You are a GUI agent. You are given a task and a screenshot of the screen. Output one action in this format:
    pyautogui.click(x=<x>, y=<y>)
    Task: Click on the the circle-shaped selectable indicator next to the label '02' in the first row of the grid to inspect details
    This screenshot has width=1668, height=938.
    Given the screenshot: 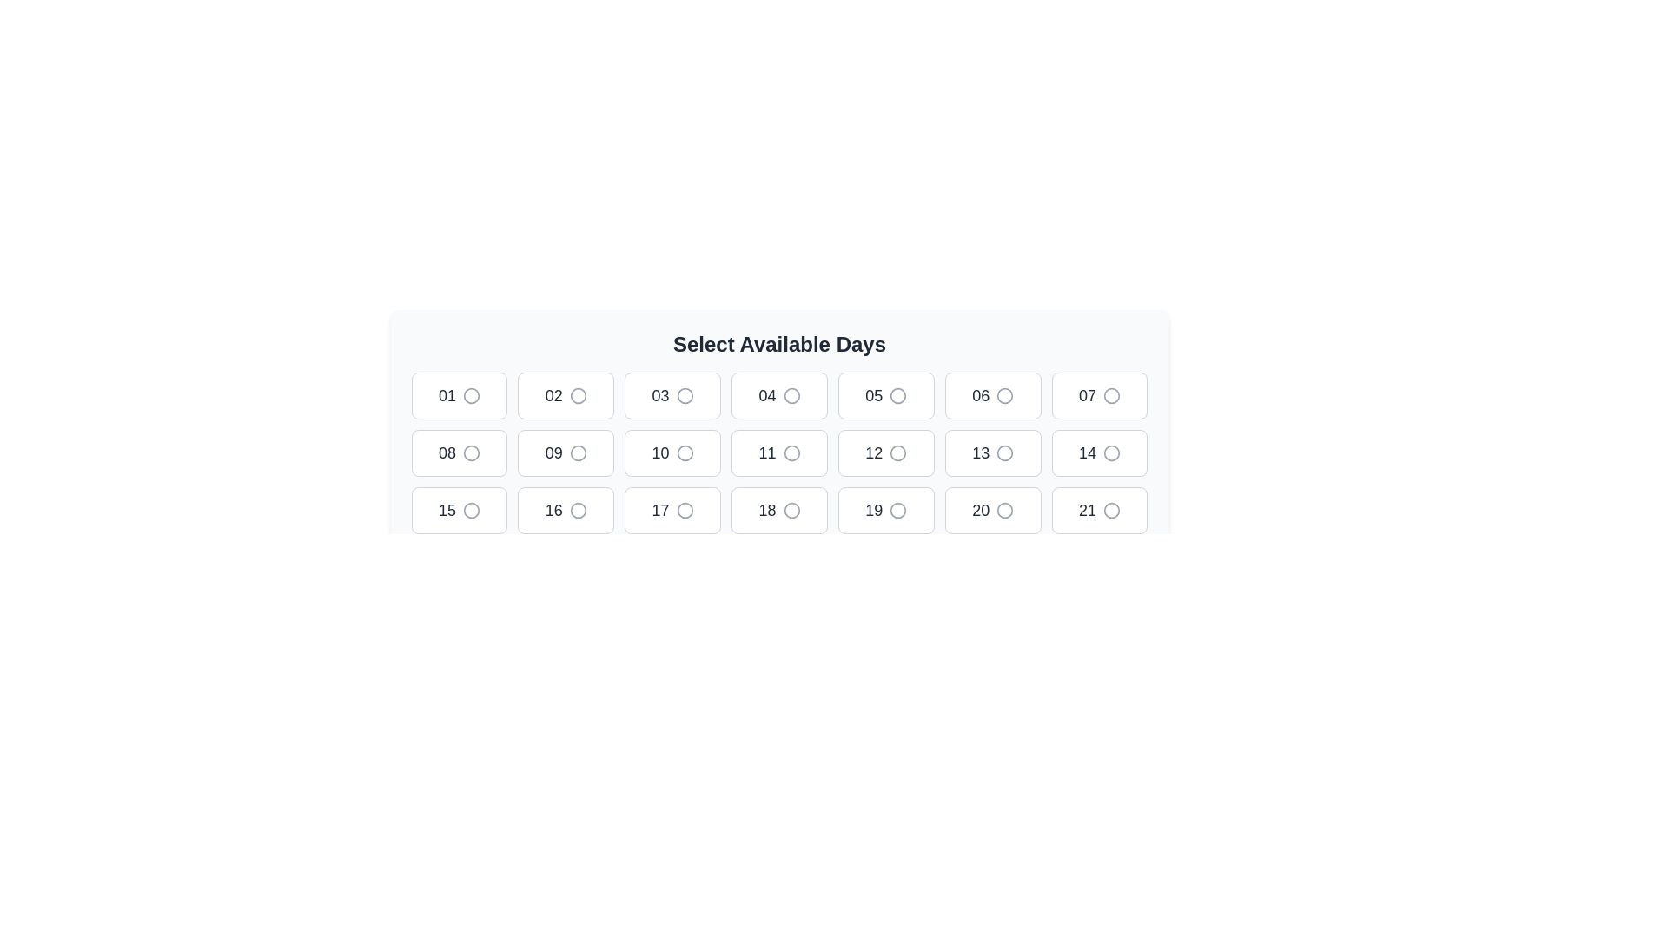 What is the action you would take?
    pyautogui.click(x=578, y=395)
    